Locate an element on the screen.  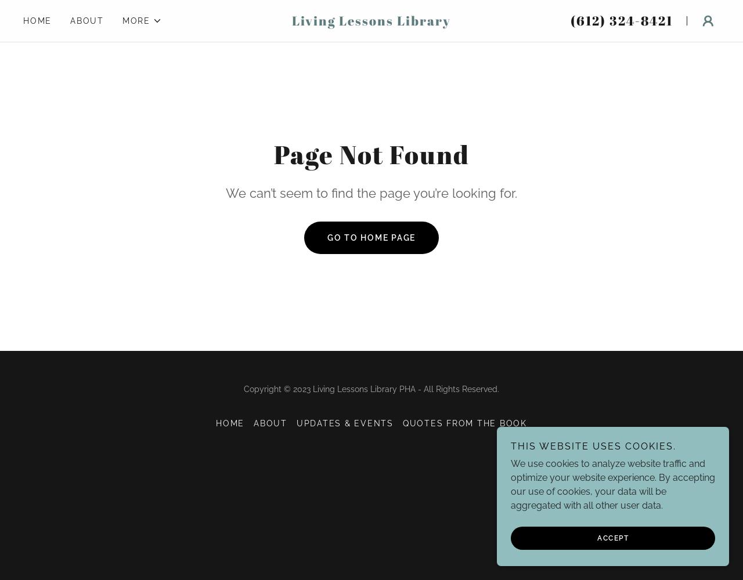
'Page Not Found' is located at coordinates (370, 154).